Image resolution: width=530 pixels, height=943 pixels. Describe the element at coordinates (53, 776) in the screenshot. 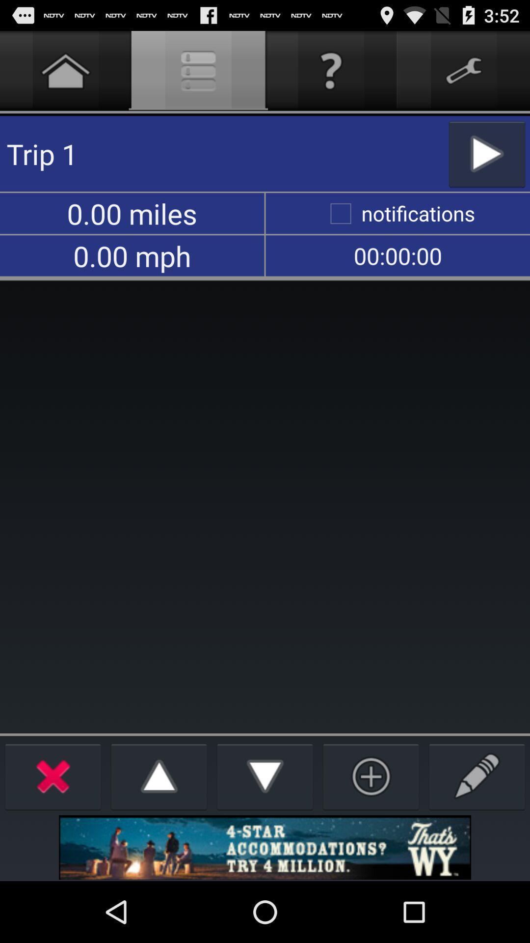

I see `cancel` at that location.